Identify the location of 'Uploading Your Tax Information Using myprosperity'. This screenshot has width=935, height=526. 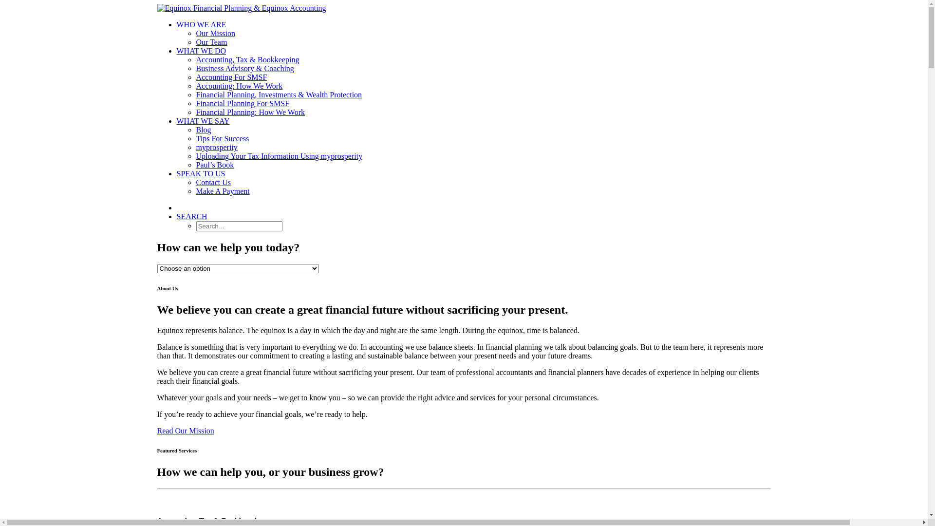
(195, 155).